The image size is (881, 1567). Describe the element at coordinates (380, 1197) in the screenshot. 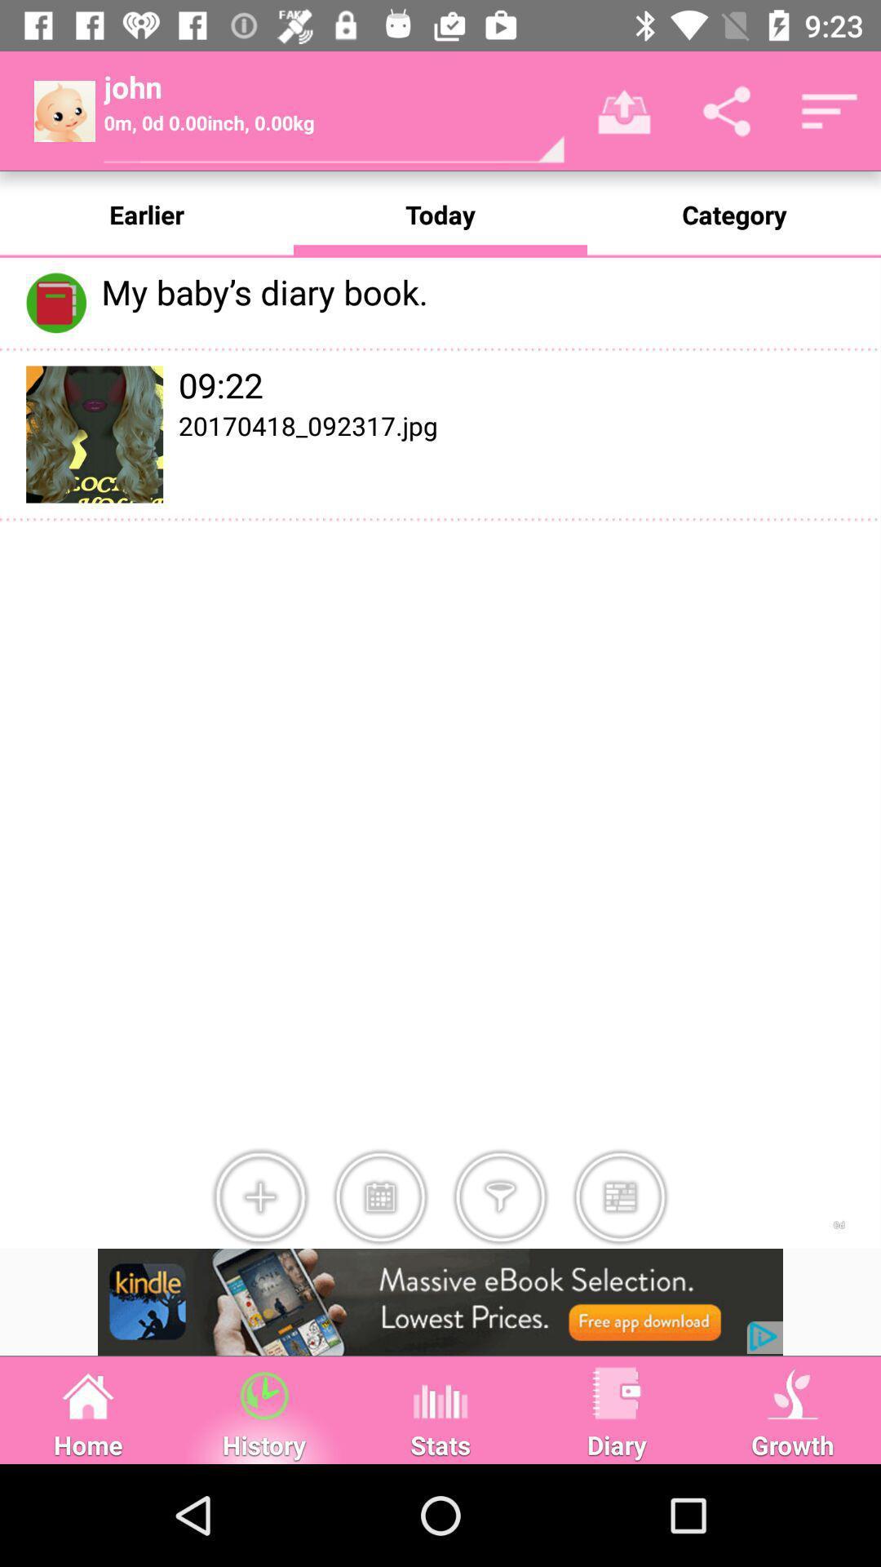

I see `the date_range icon` at that location.